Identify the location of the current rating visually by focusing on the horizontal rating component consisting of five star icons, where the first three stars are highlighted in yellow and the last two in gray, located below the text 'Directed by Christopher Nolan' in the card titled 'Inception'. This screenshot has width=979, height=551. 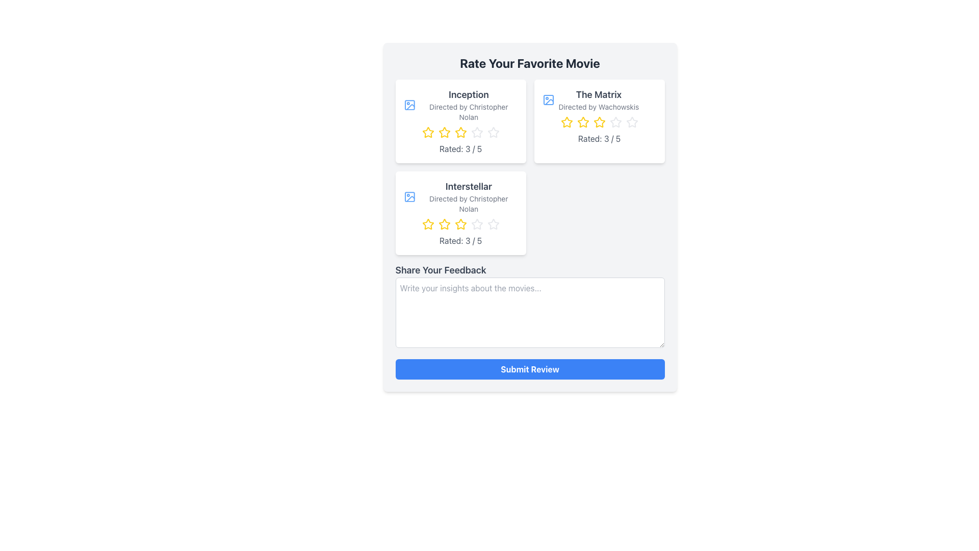
(460, 132).